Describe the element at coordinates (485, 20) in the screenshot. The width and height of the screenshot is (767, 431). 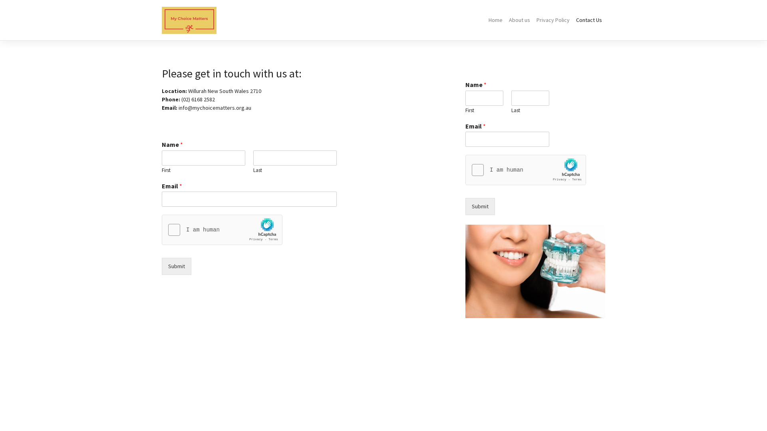
I see `'Home'` at that location.